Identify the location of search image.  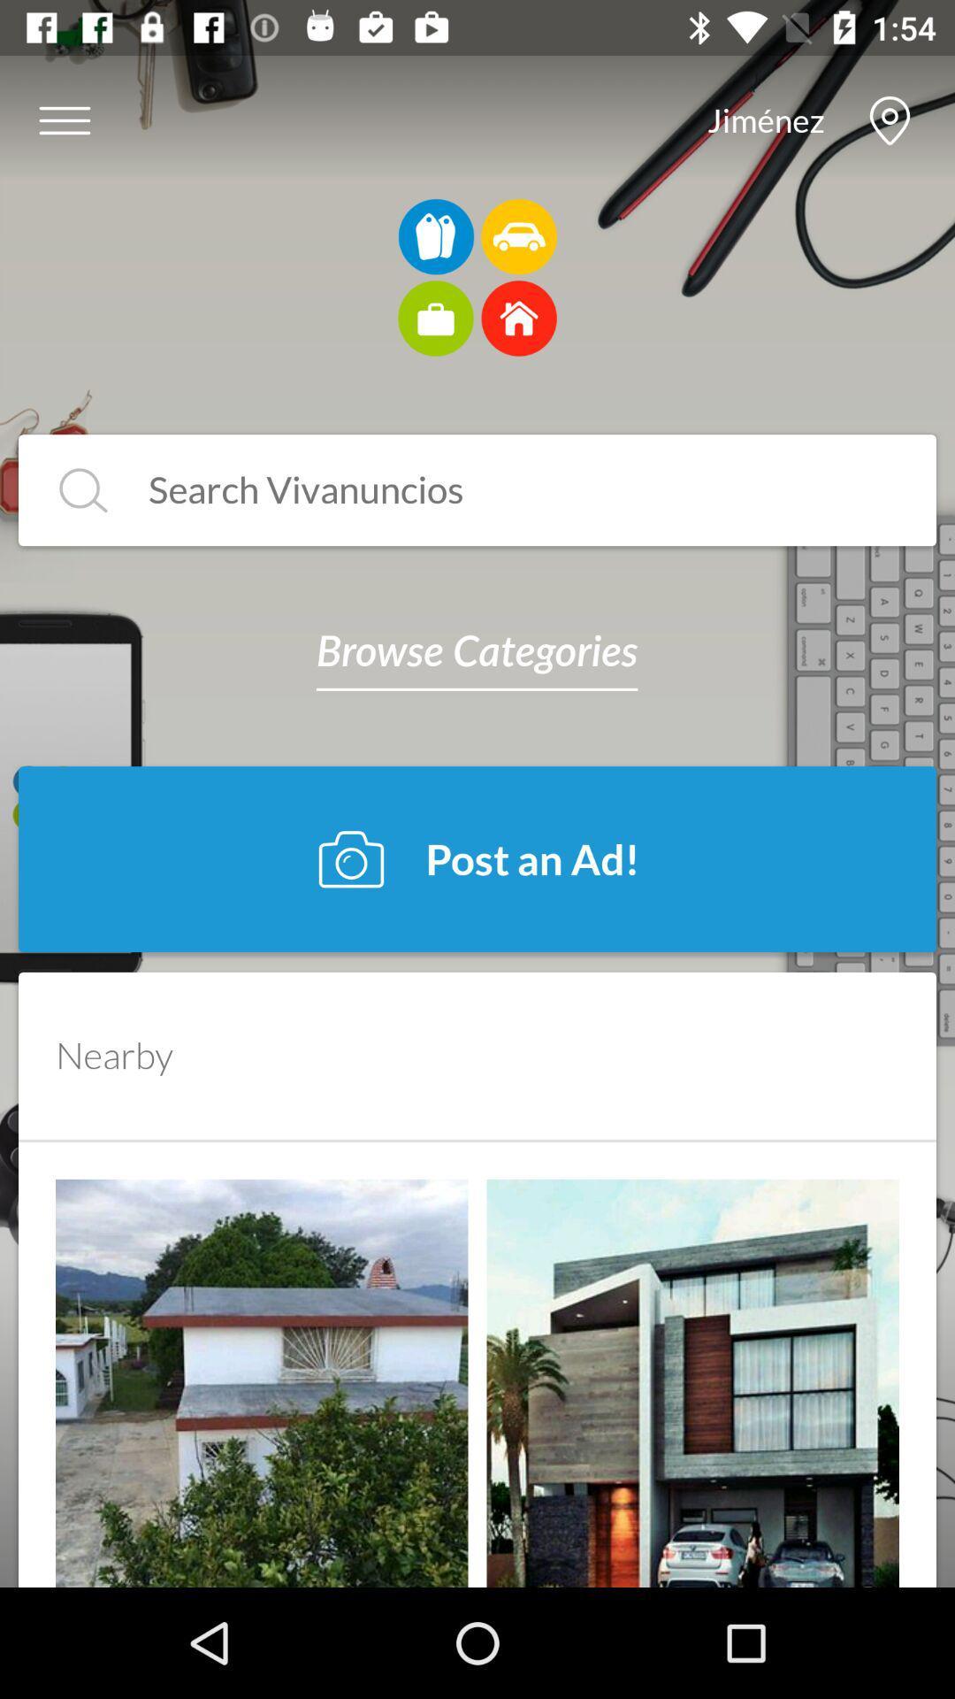
(505, 490).